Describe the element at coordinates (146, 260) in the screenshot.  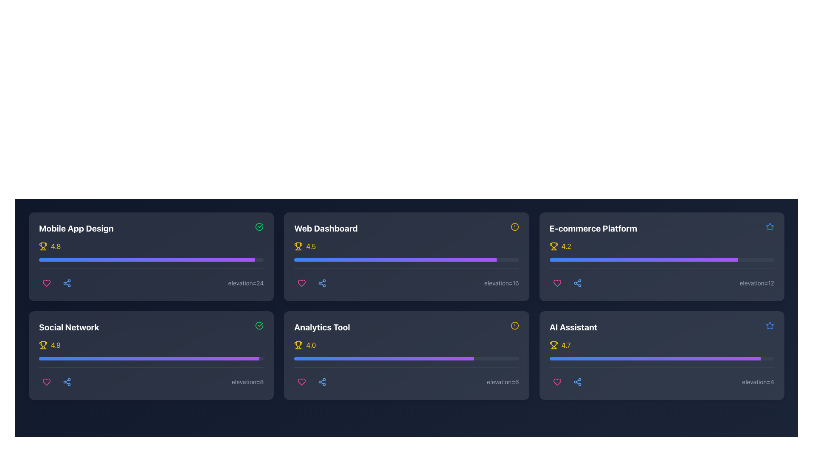
I see `the filled portion of the progress indicator bar representing 96% completion within the 'Mobile App Design' card in the top-left of the grid layout` at that location.